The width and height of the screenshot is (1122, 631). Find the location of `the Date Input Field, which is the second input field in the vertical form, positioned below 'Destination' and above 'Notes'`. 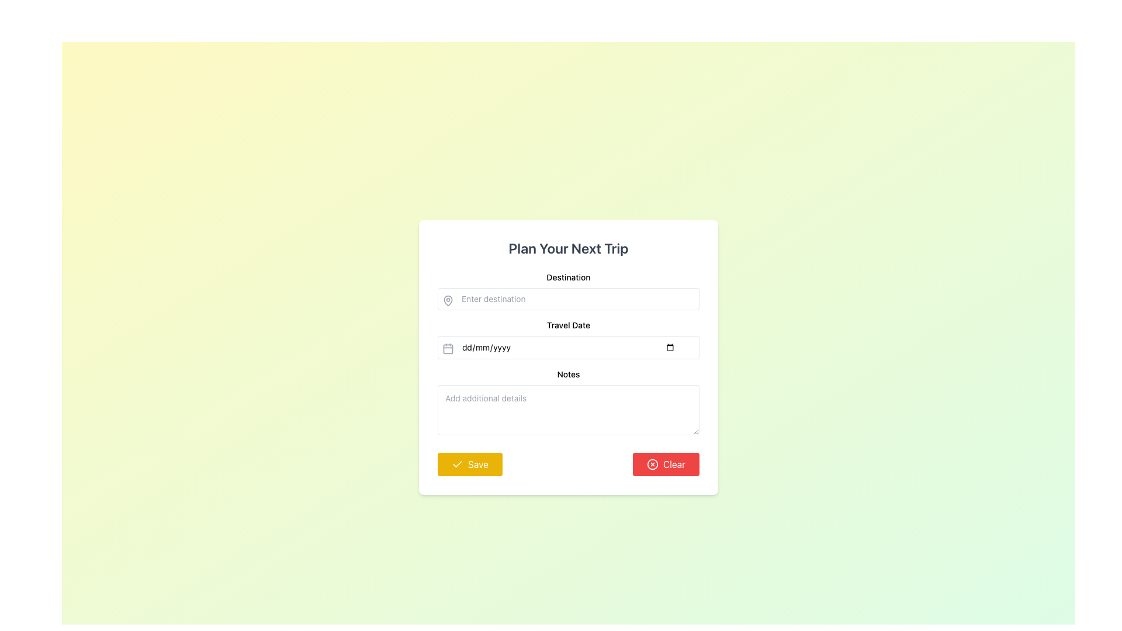

the Date Input Field, which is the second input field in the vertical form, positioned below 'Destination' and above 'Notes' is located at coordinates (569, 339).